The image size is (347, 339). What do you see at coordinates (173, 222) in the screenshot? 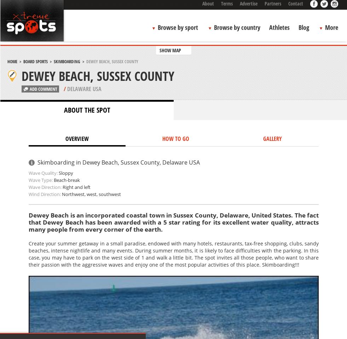
I see `'Dewey Beach is an incorporated coastal town in Sussex County, Delaware, United States. The fact that Dewey Beach has been awarded with a 5 star rating for its excellent water quality, attracts many people from every corner of the earth.'` at bounding box center [173, 222].